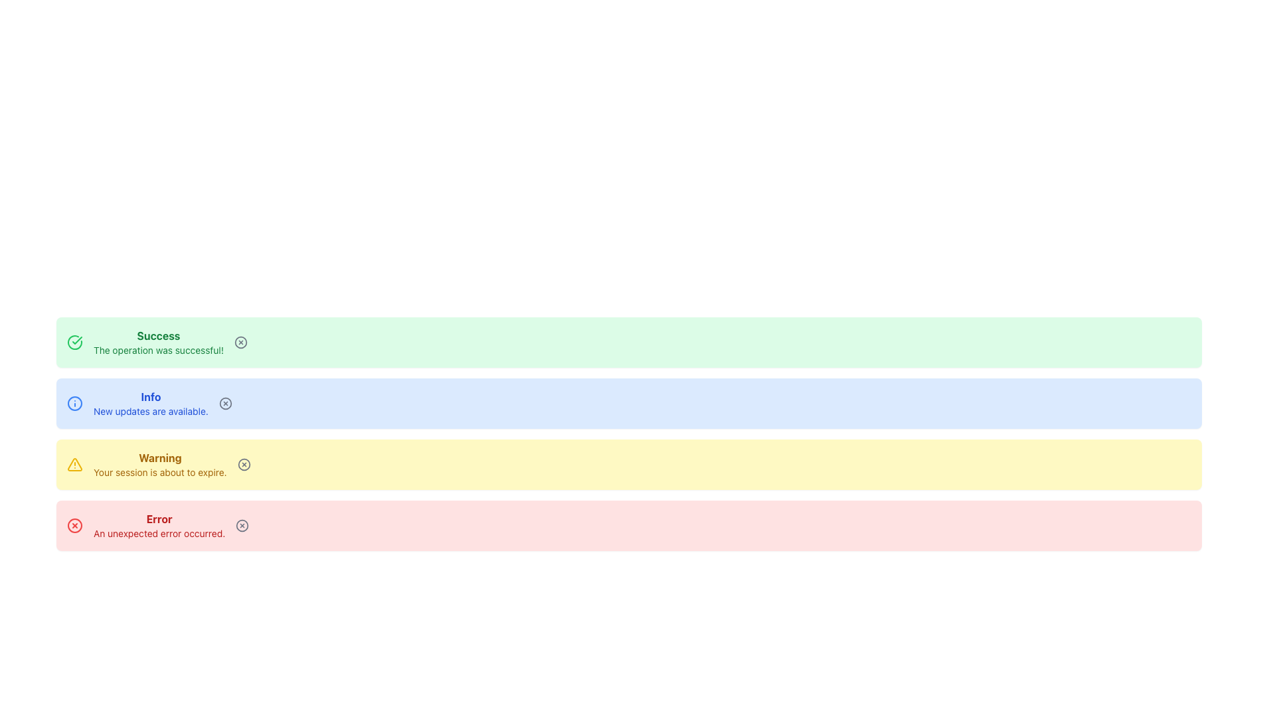  Describe the element at coordinates (74, 463) in the screenshot. I see `the Decorative Icon that serves as a visual warning indication, located near the left side of the third notification bar from the top` at that location.